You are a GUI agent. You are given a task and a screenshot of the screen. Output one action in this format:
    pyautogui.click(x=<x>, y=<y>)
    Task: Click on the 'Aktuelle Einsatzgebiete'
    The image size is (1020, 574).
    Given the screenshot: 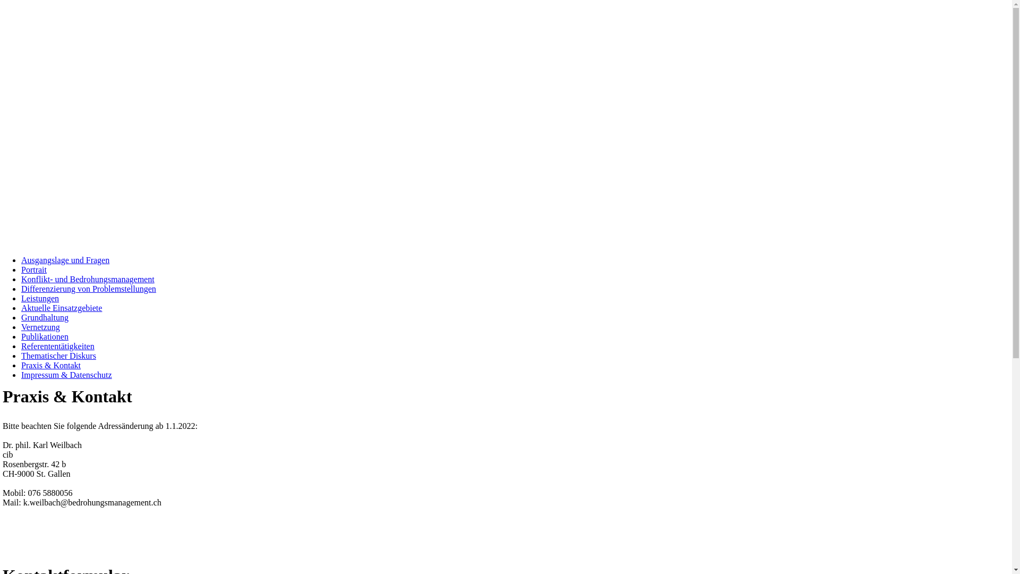 What is the action you would take?
    pyautogui.click(x=61, y=308)
    